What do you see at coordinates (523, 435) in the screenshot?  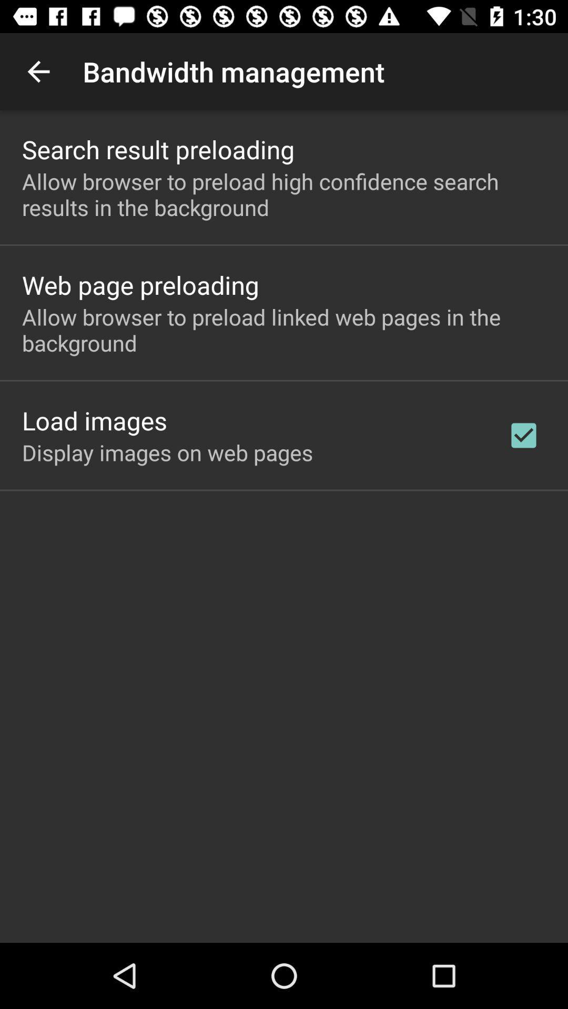 I see `the checkbox on the right` at bounding box center [523, 435].